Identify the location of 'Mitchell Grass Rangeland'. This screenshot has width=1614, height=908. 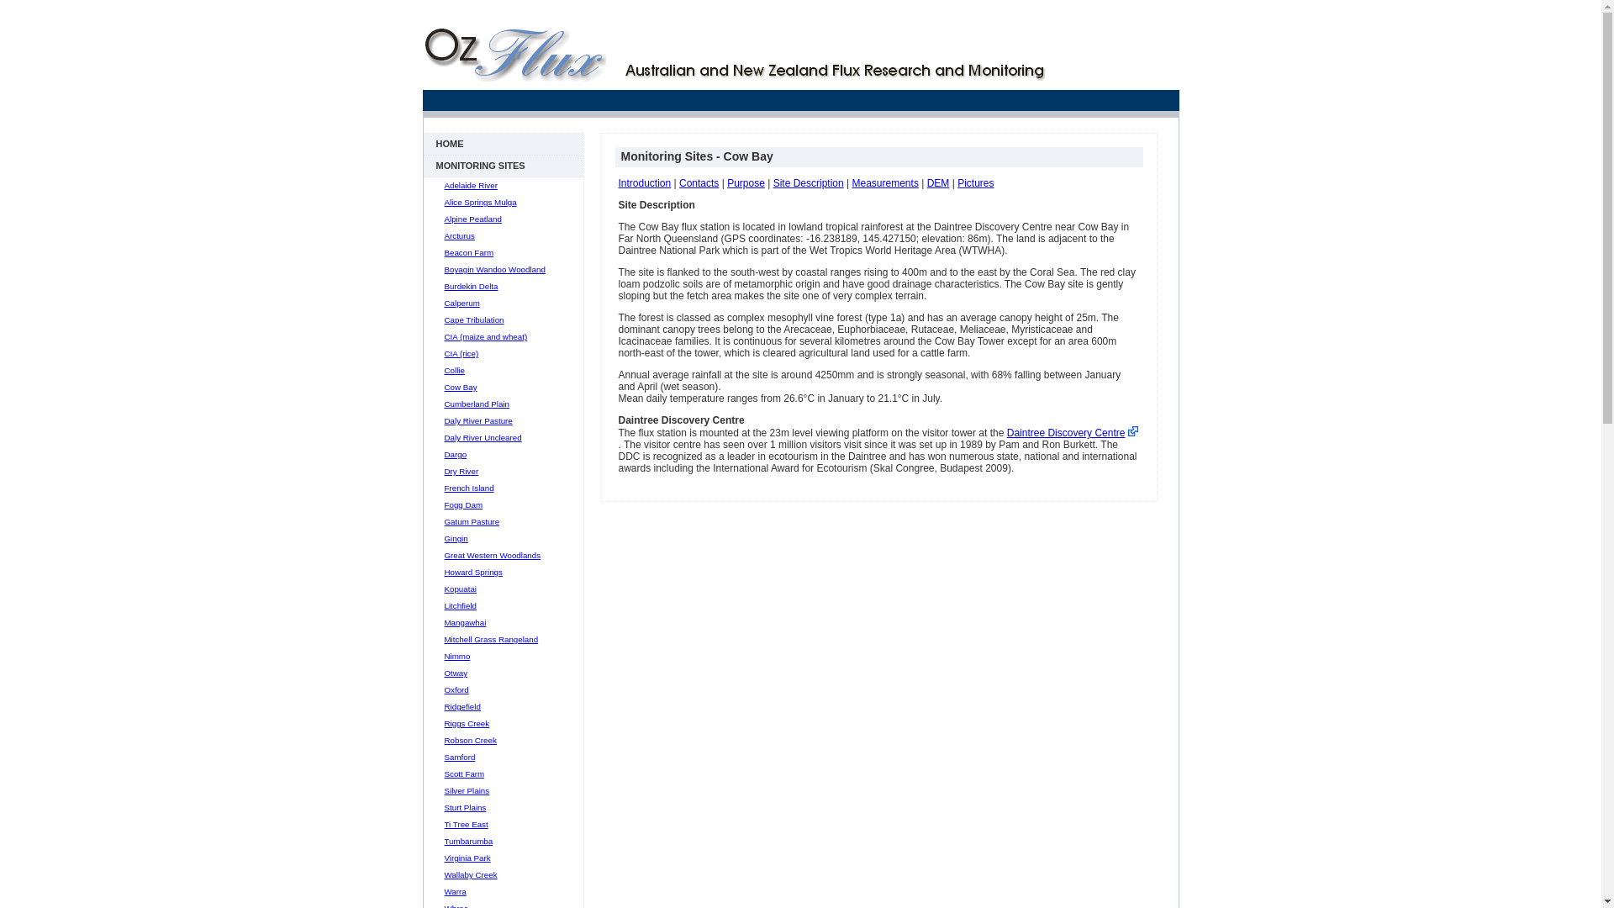
(444, 639).